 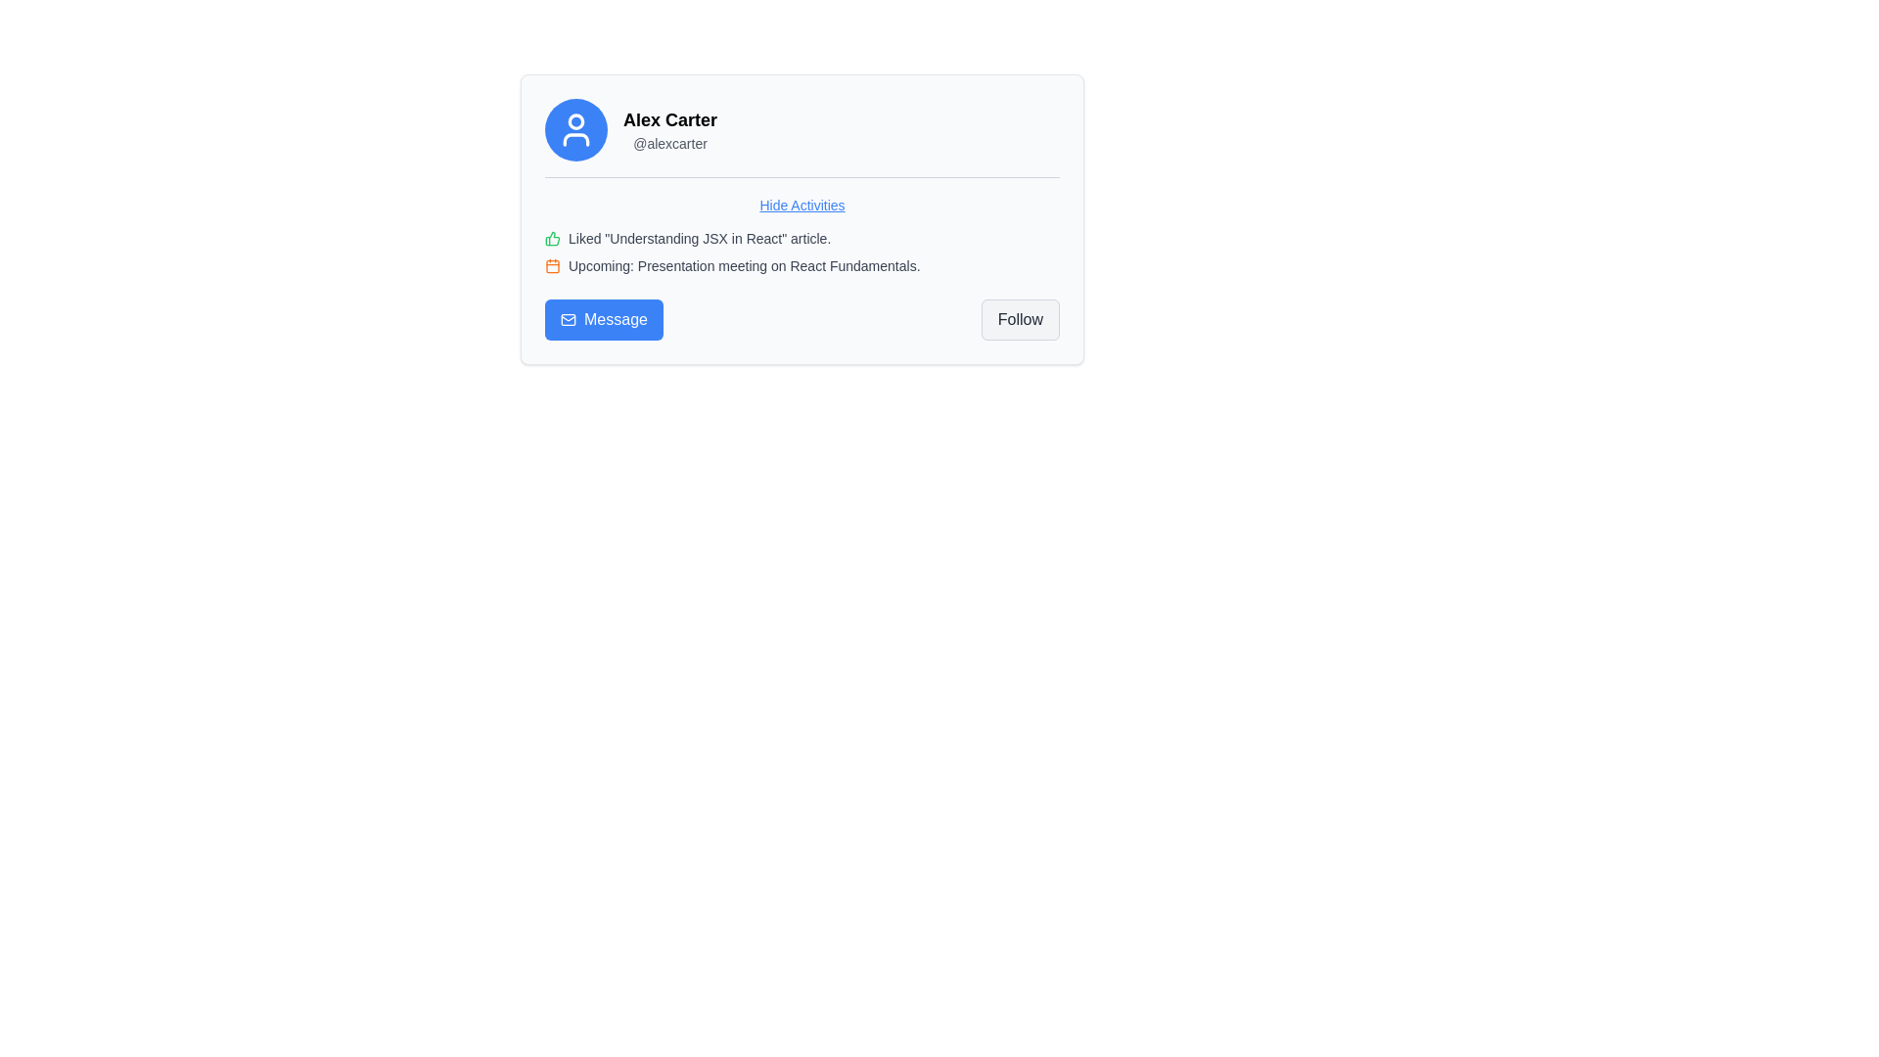 I want to click on the Text Label displaying the user's name, so click(x=670, y=120).